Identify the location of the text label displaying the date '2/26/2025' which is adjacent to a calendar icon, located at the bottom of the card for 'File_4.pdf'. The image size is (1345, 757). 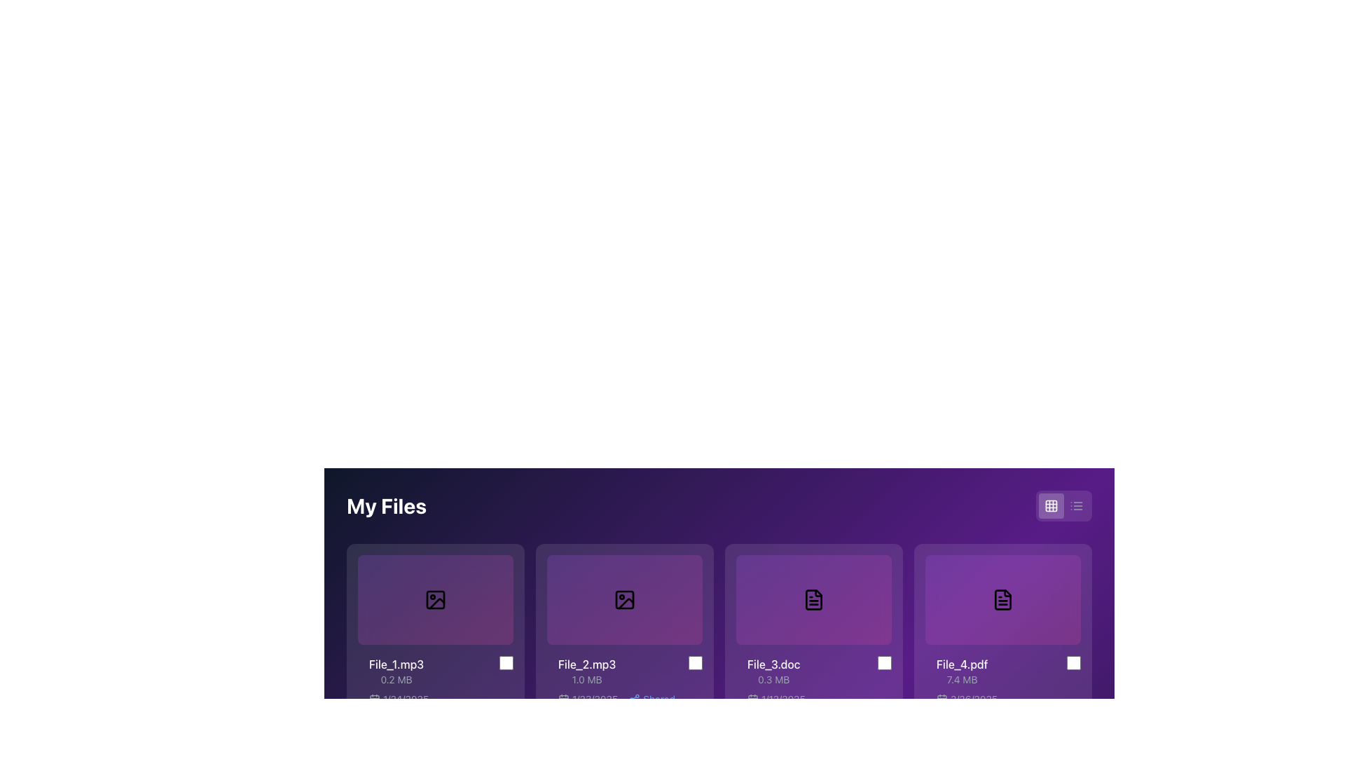
(966, 700).